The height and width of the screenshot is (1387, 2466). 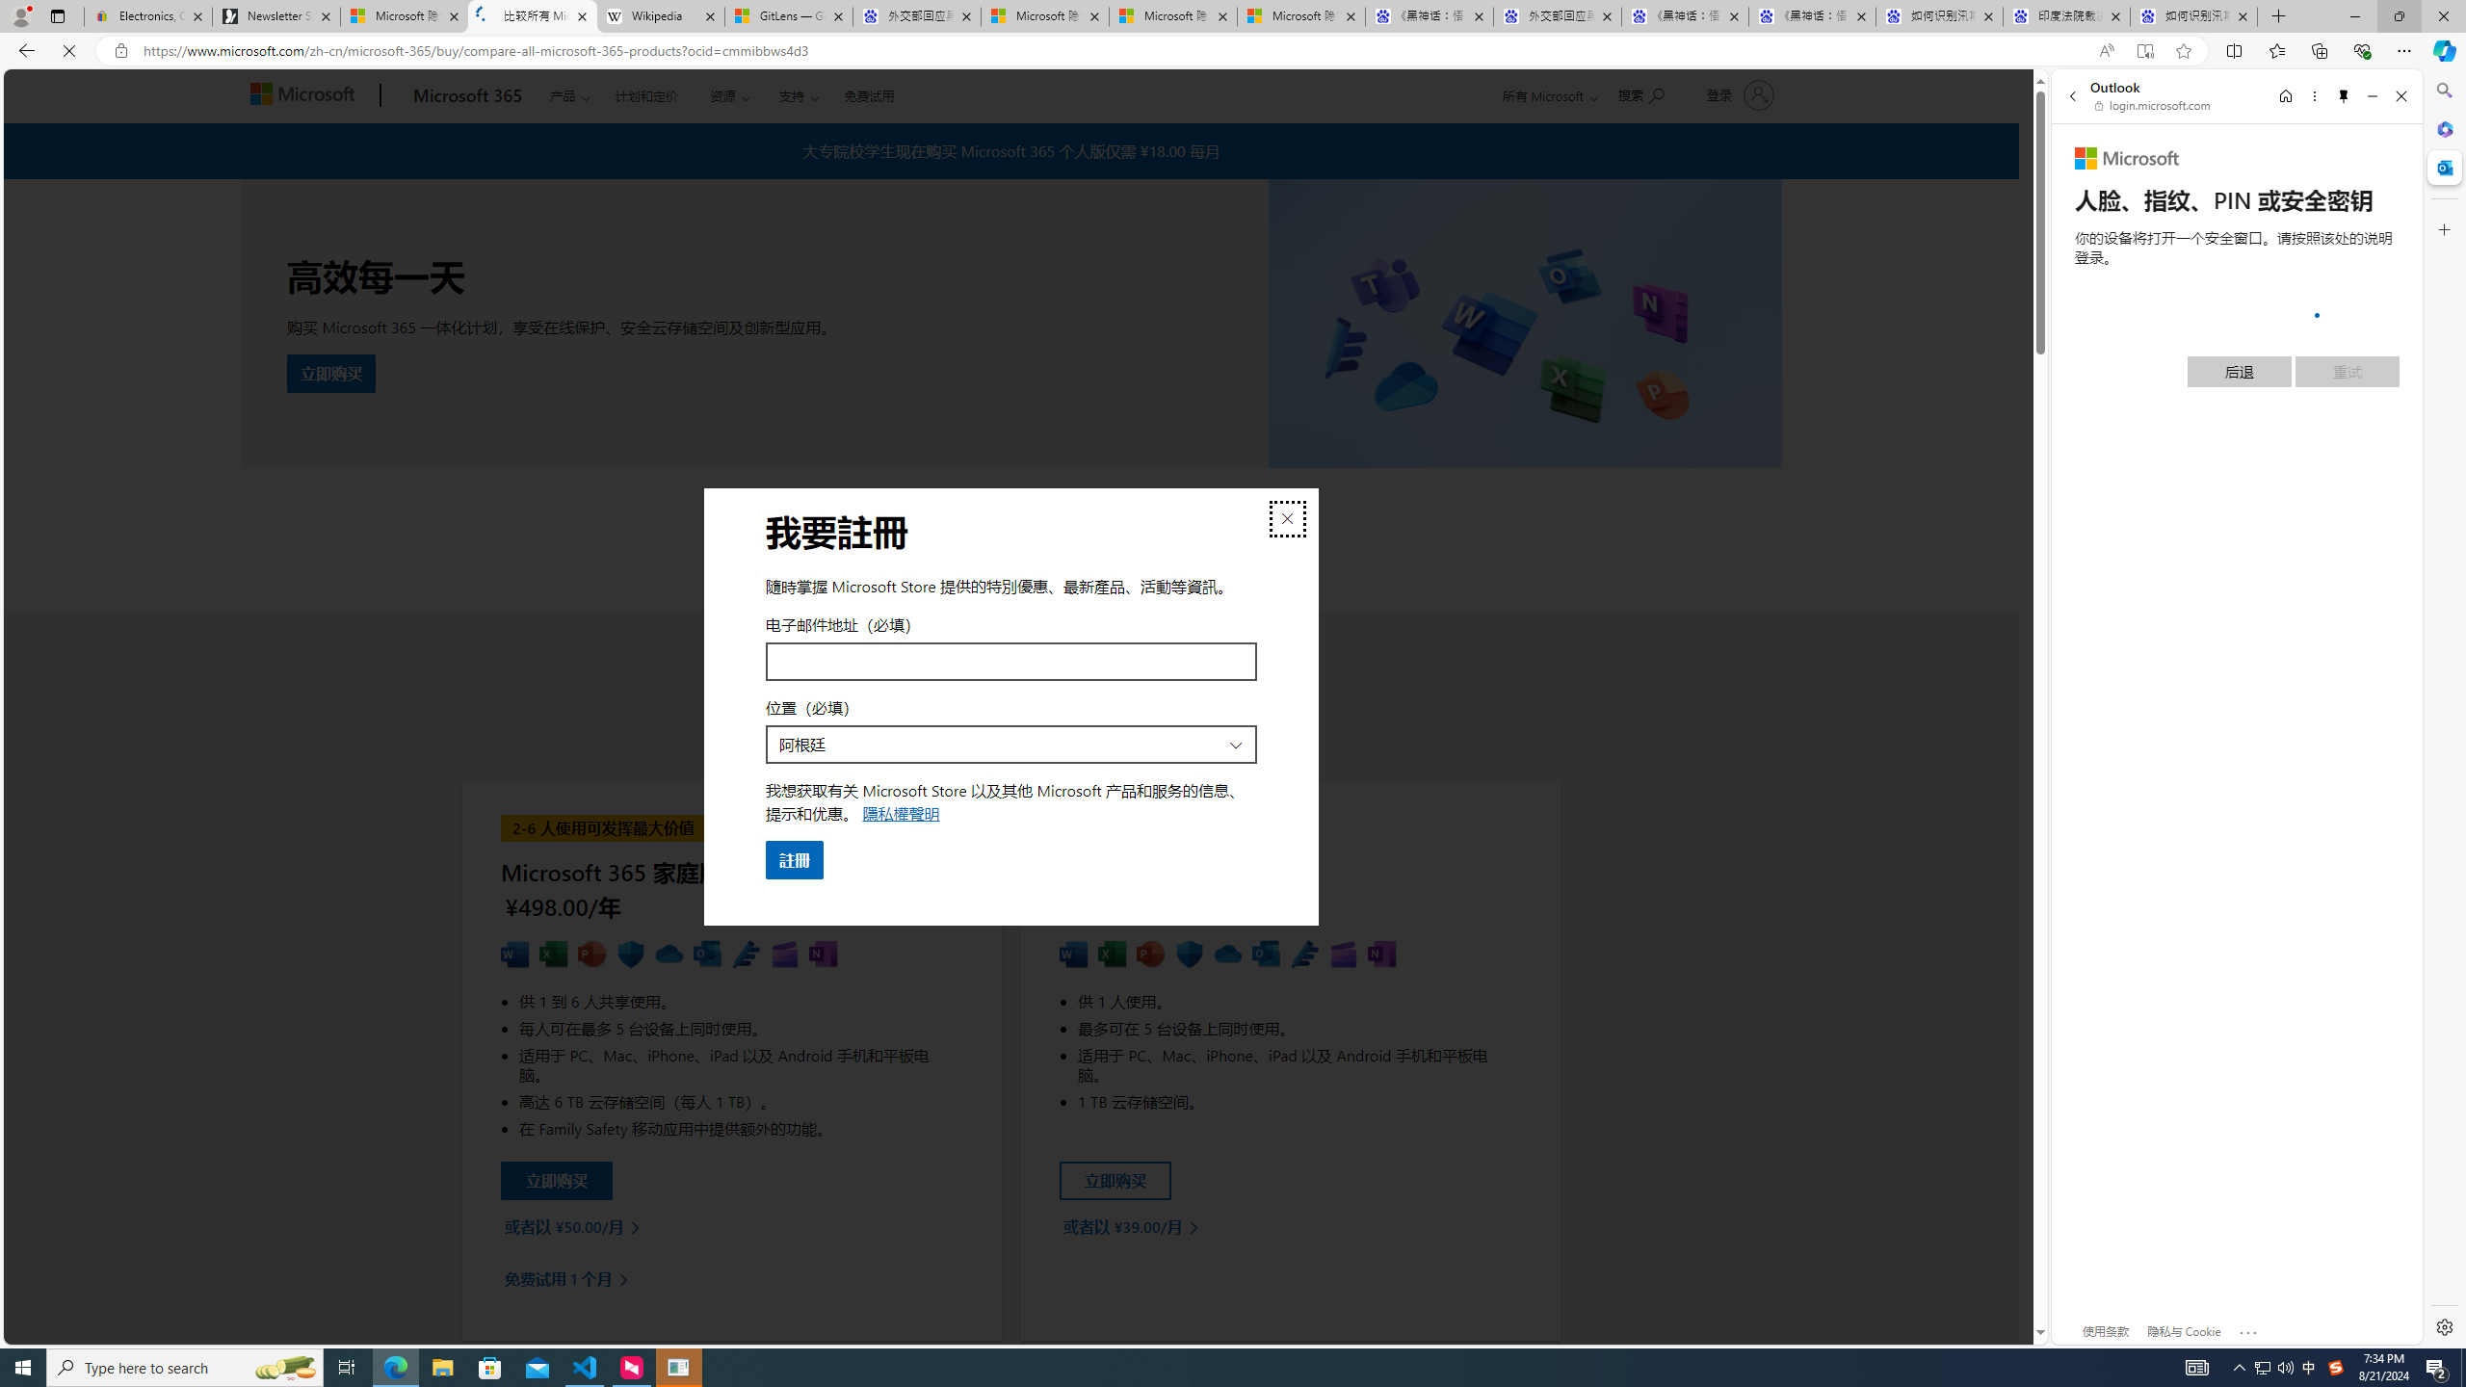 What do you see at coordinates (2444, 708) in the screenshot?
I see `'Side bar'` at bounding box center [2444, 708].